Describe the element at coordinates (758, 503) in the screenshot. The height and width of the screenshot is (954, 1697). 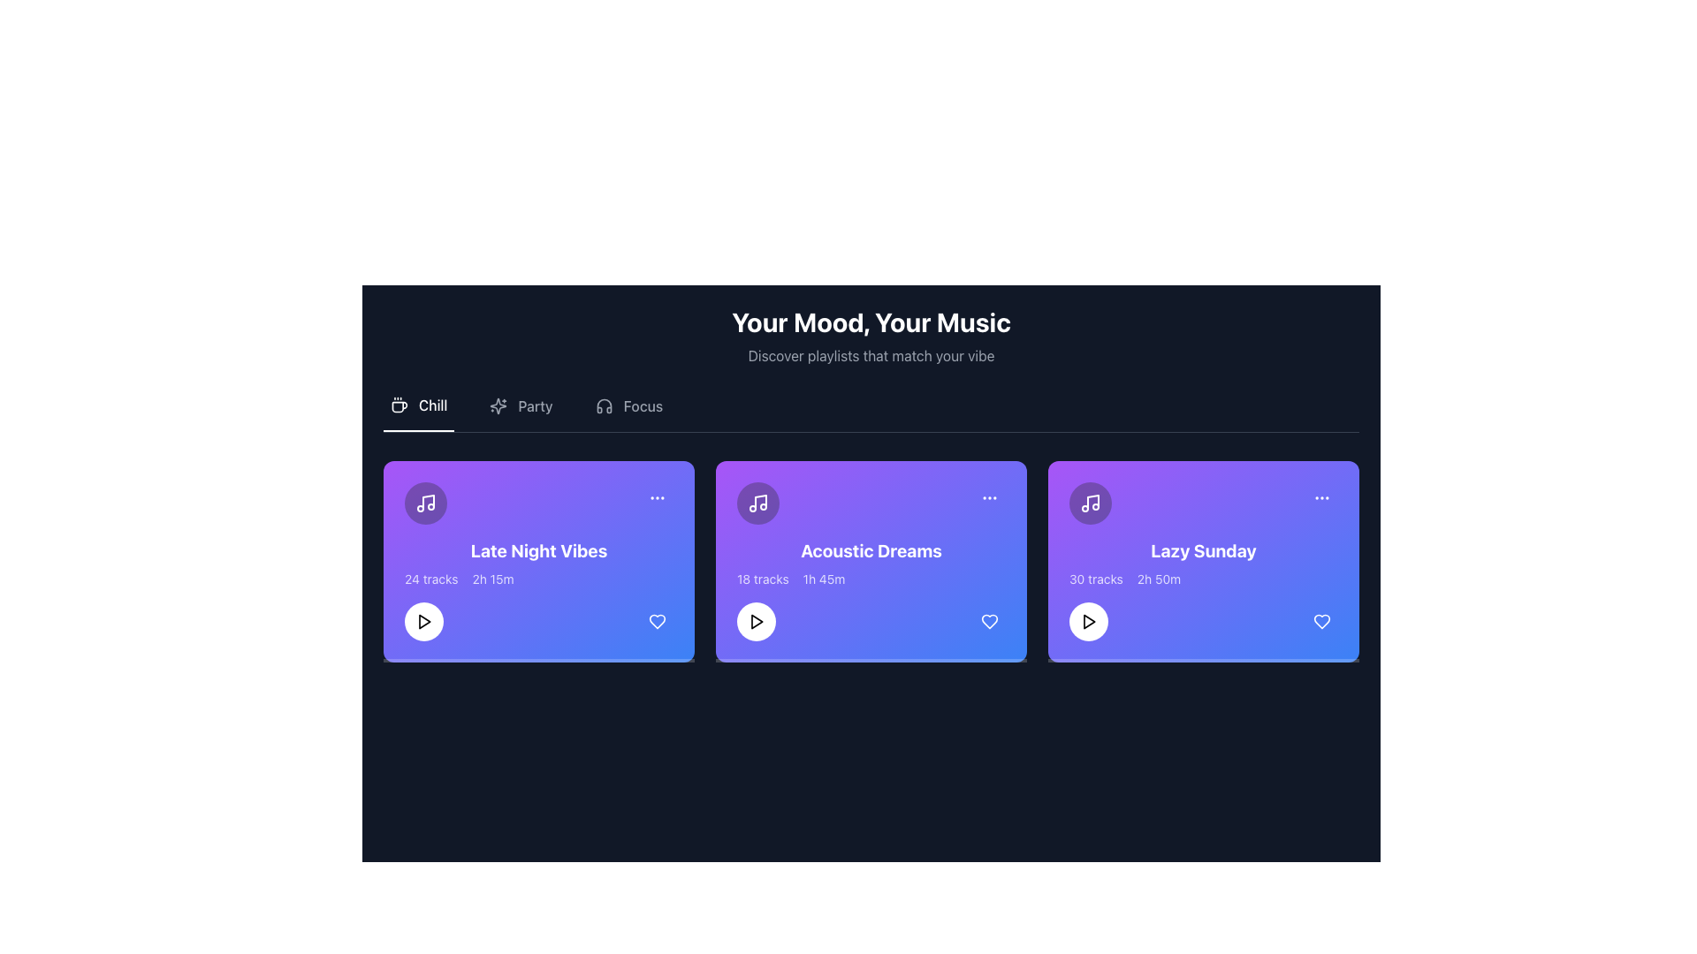
I see `the decorative icon representing a musical concept within the 'Acoustic Dreams' card, located near the top-left corner` at that location.